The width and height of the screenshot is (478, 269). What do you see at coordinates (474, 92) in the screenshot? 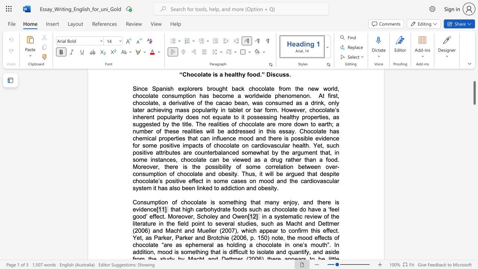
I see `the scrollbar and move up 10 pixels` at bounding box center [474, 92].